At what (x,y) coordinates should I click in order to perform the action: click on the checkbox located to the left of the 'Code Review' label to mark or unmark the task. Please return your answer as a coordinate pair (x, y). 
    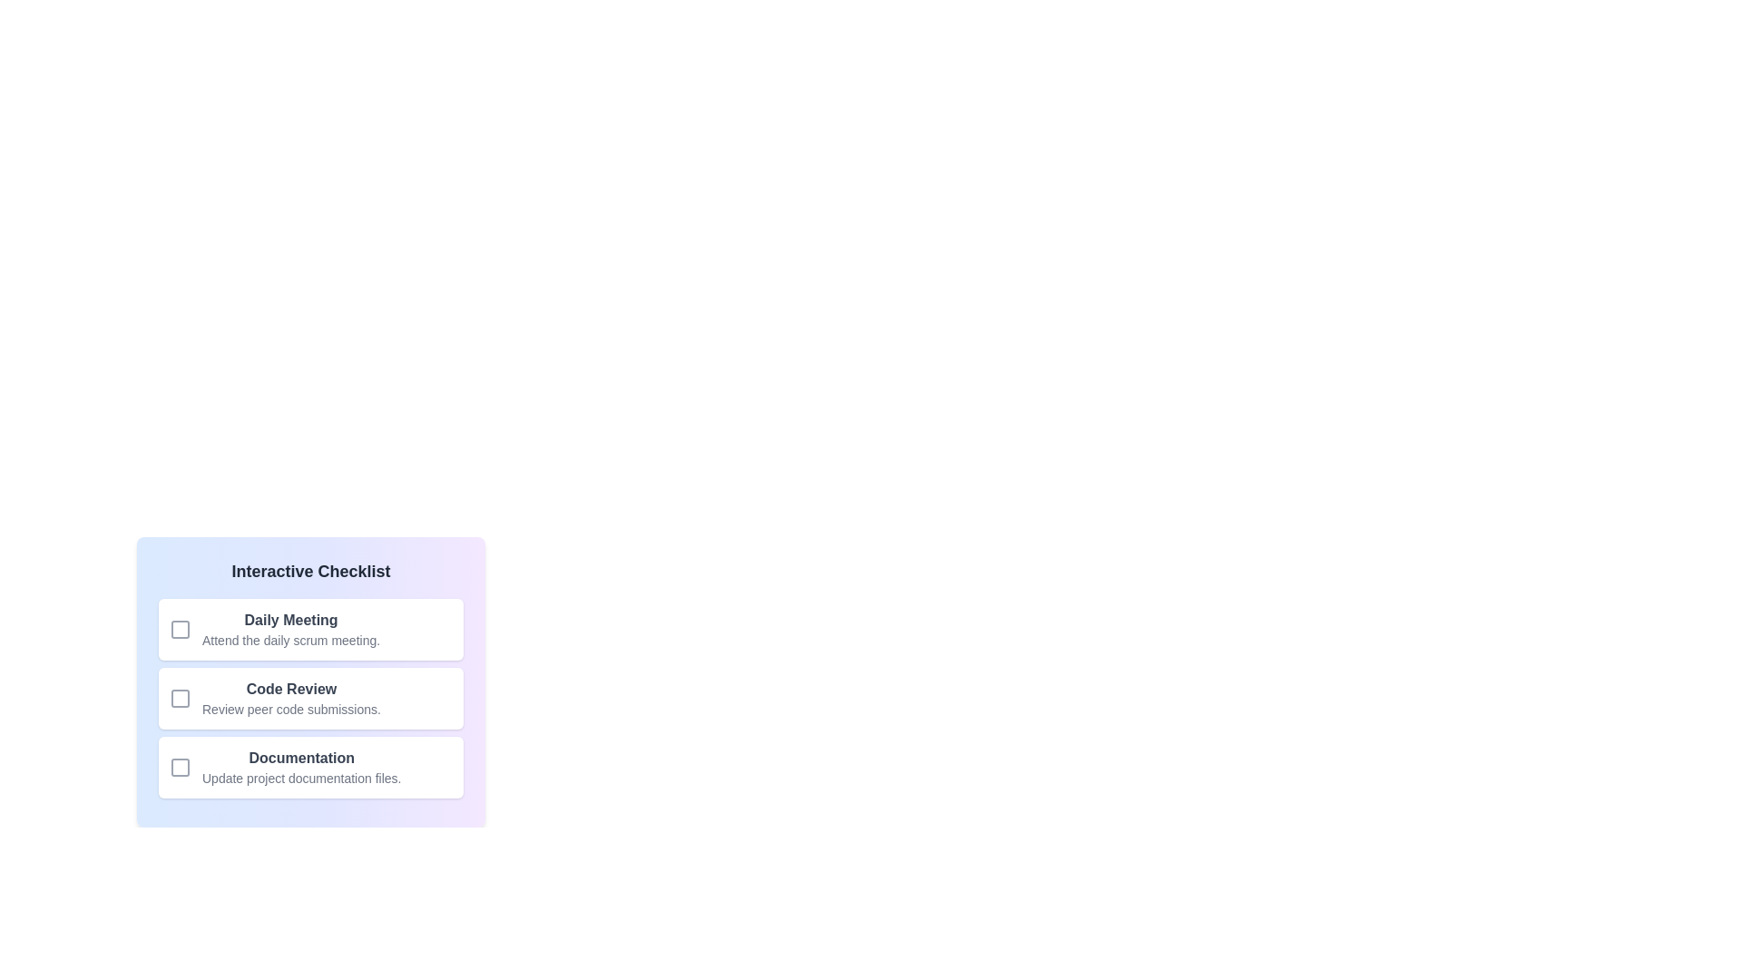
    Looking at the image, I should click on (180, 698).